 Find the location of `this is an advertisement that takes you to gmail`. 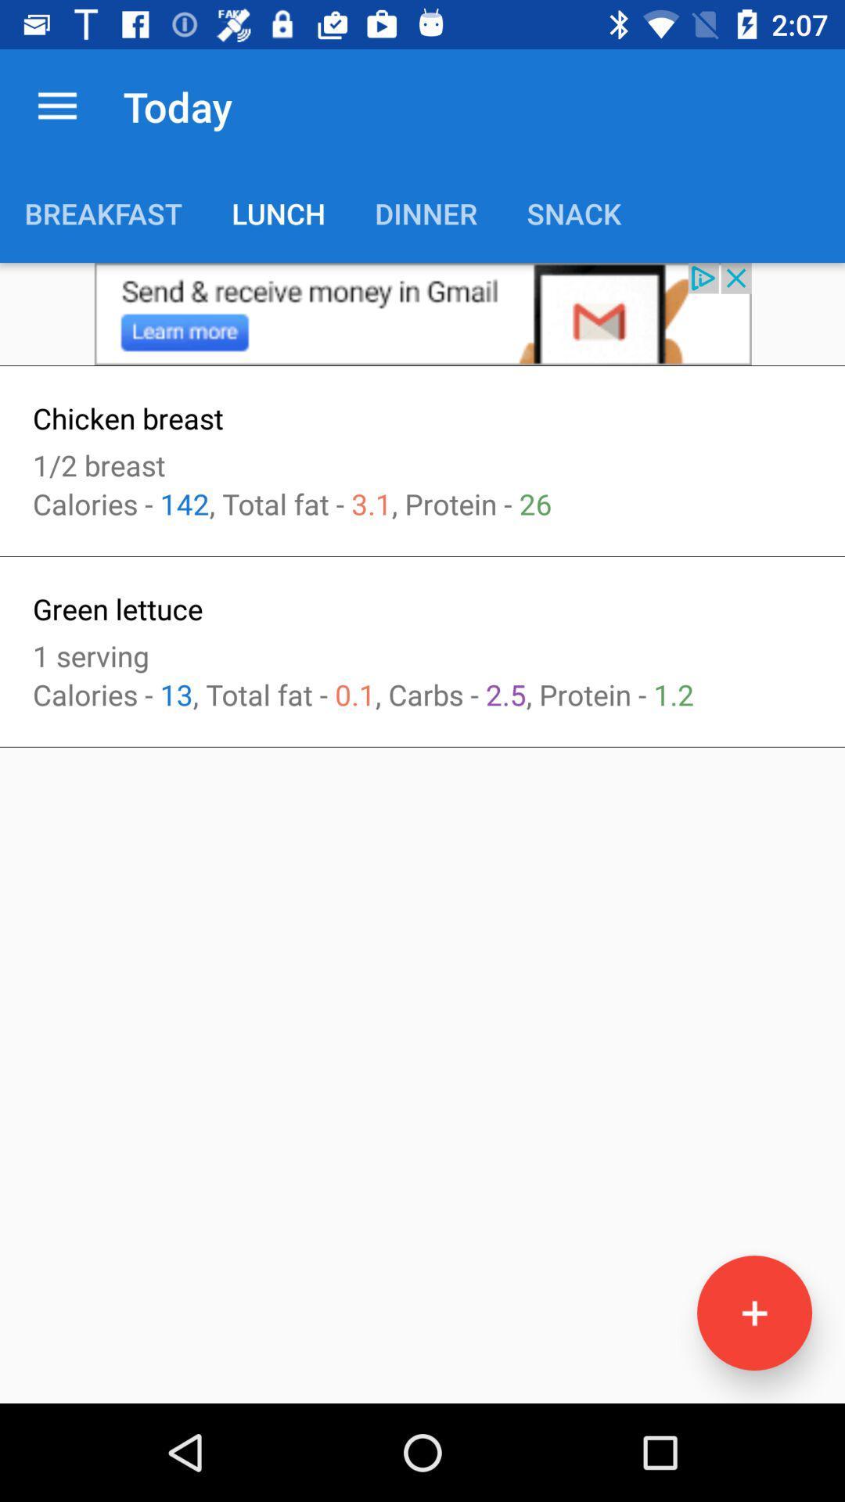

this is an advertisement that takes you to gmail is located at coordinates (422, 313).